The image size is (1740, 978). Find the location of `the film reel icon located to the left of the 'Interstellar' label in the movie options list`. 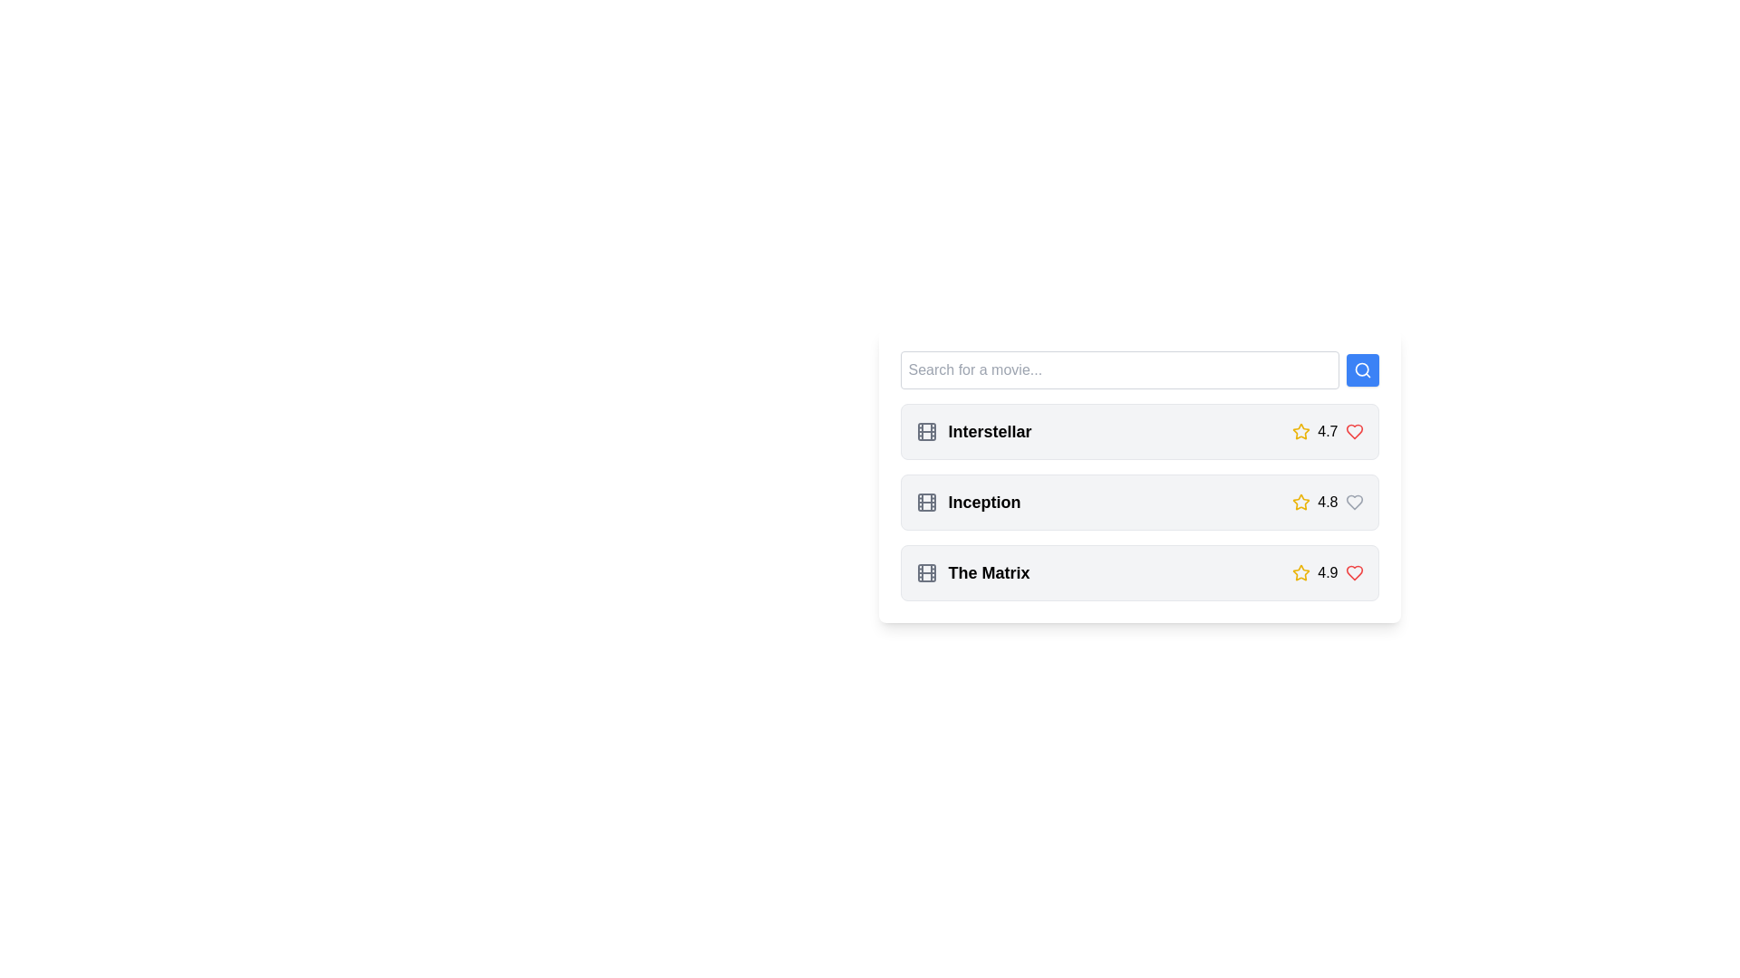

the film reel icon located to the left of the 'Interstellar' label in the movie options list is located at coordinates (926, 432).